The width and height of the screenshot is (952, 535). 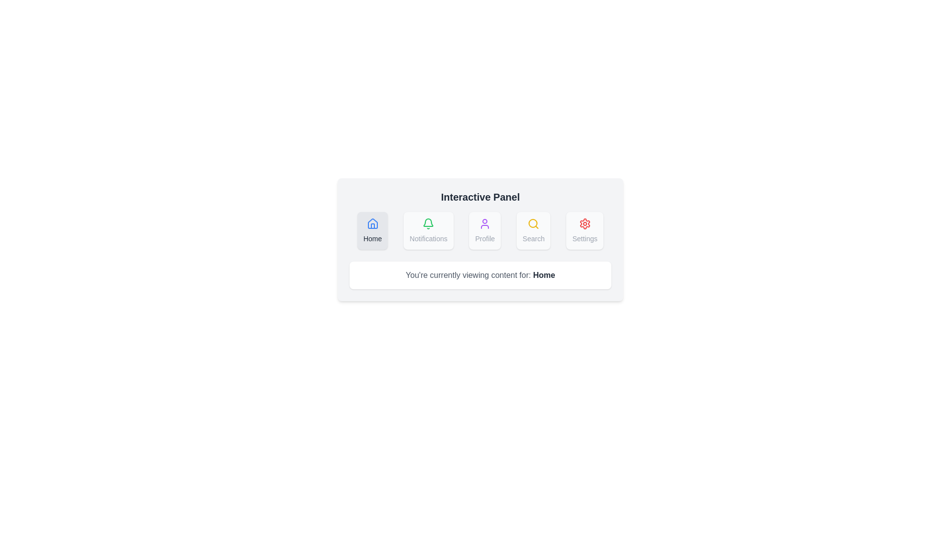 I want to click on the bold text label reading 'Home' located beneath the interactive panel, part of the sentence 'You're currently viewing content for: Home', so click(x=543, y=275).